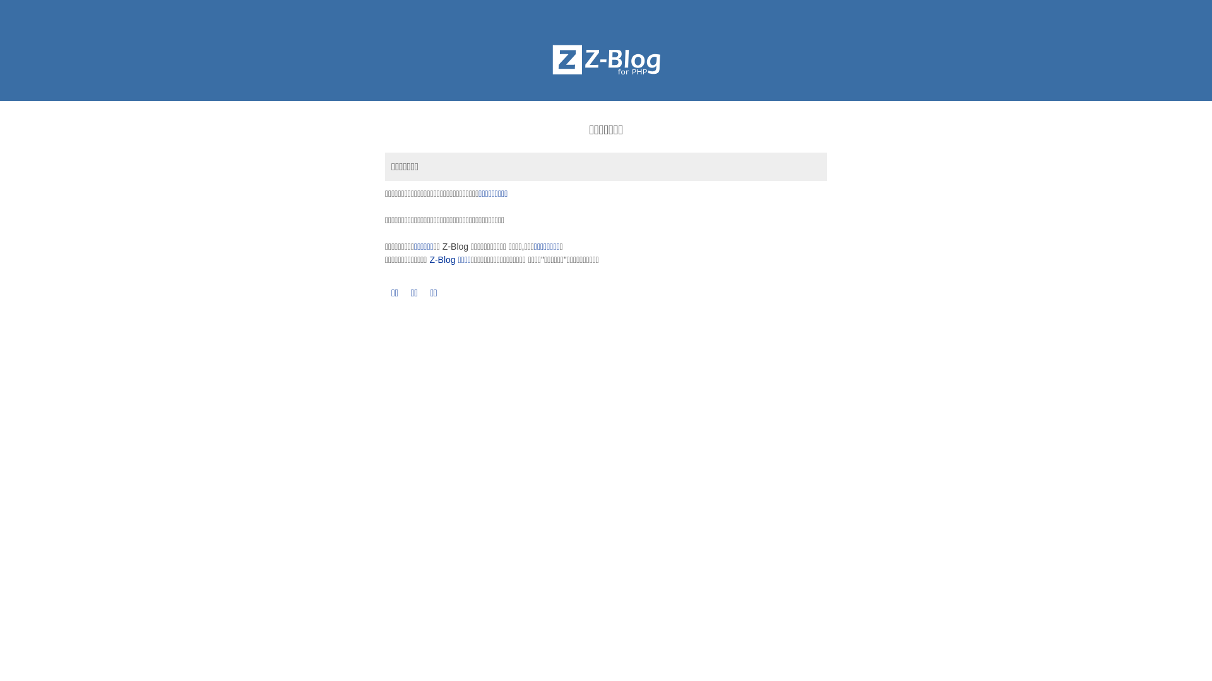 The image size is (1212, 681). What do you see at coordinates (542, 60) in the screenshot?
I see `'Z-BlogPHP'` at bounding box center [542, 60].